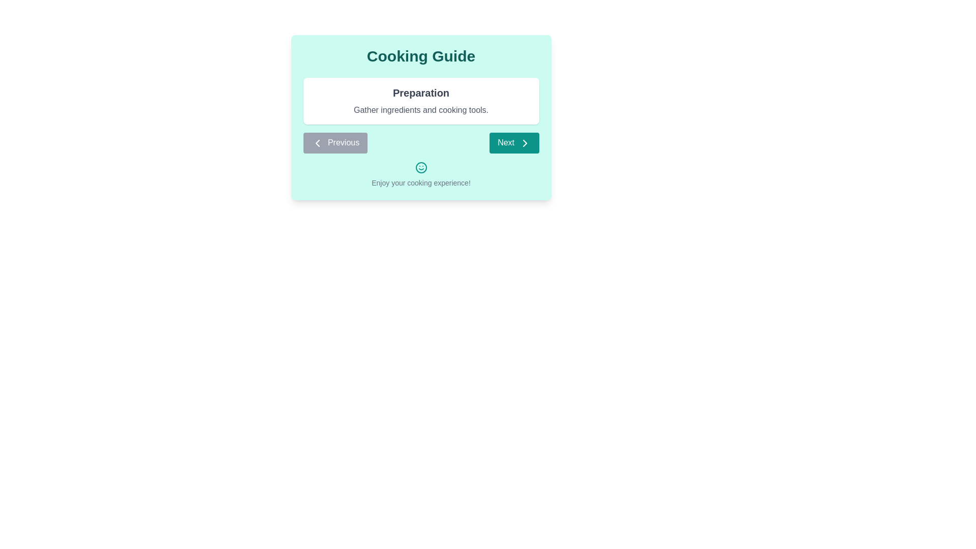 The height and width of the screenshot is (549, 976). I want to click on the leftward-pointing chevron icon indicating navigation within the 'Previous' button located at the lower-left corner of the card-like interface, so click(317, 143).